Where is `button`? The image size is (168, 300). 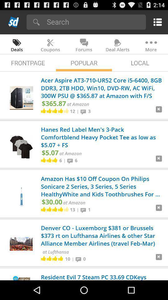 button is located at coordinates (159, 112).